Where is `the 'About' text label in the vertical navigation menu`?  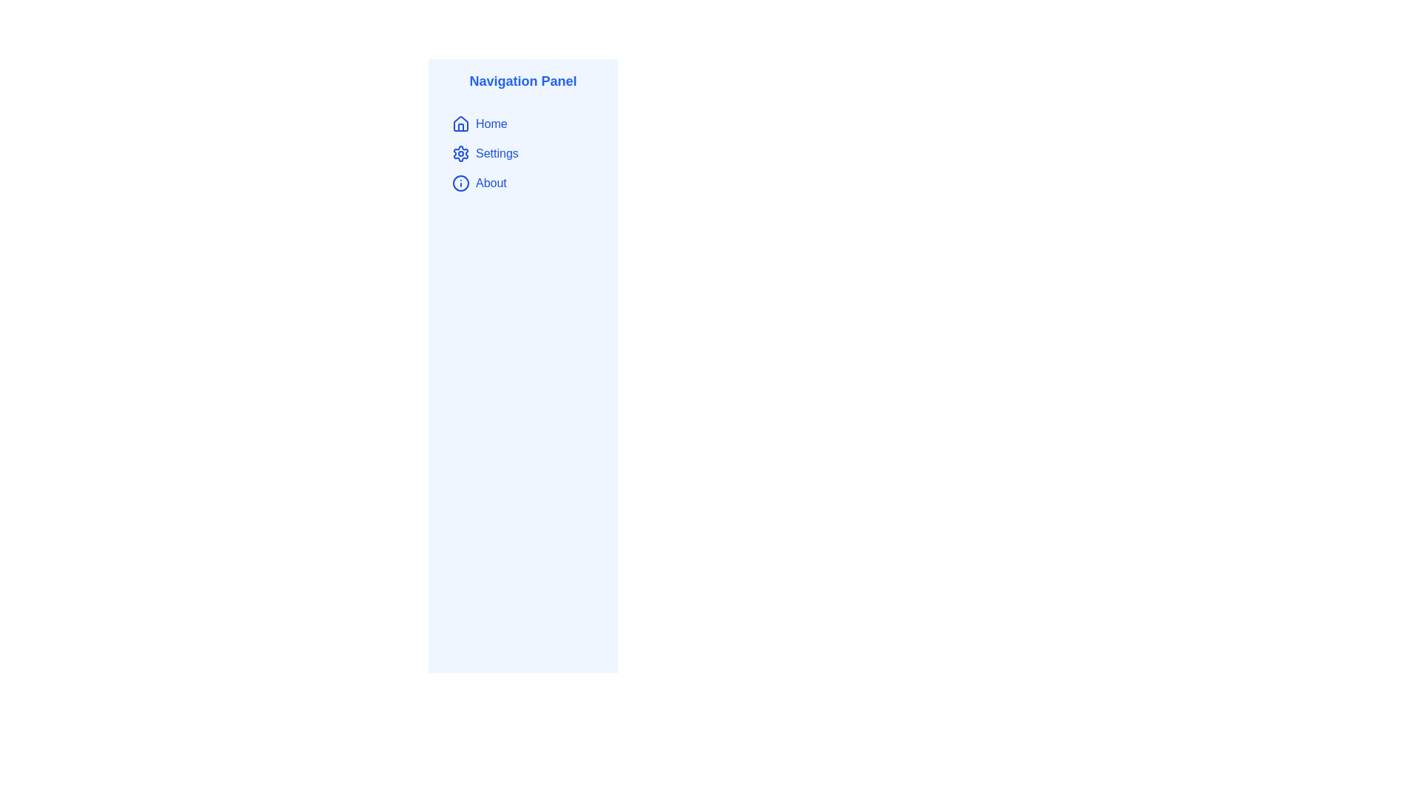 the 'About' text label in the vertical navigation menu is located at coordinates (491, 182).